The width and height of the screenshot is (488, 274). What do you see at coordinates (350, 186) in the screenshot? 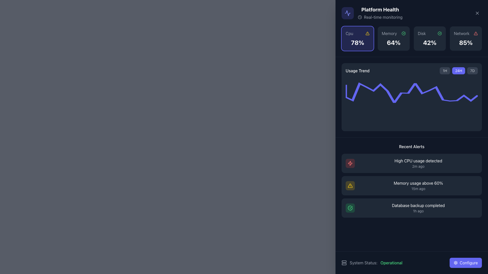
I see `the alert icon located in the 'Recent Alerts' section, which represents a warning about memory usage above 60%` at bounding box center [350, 186].